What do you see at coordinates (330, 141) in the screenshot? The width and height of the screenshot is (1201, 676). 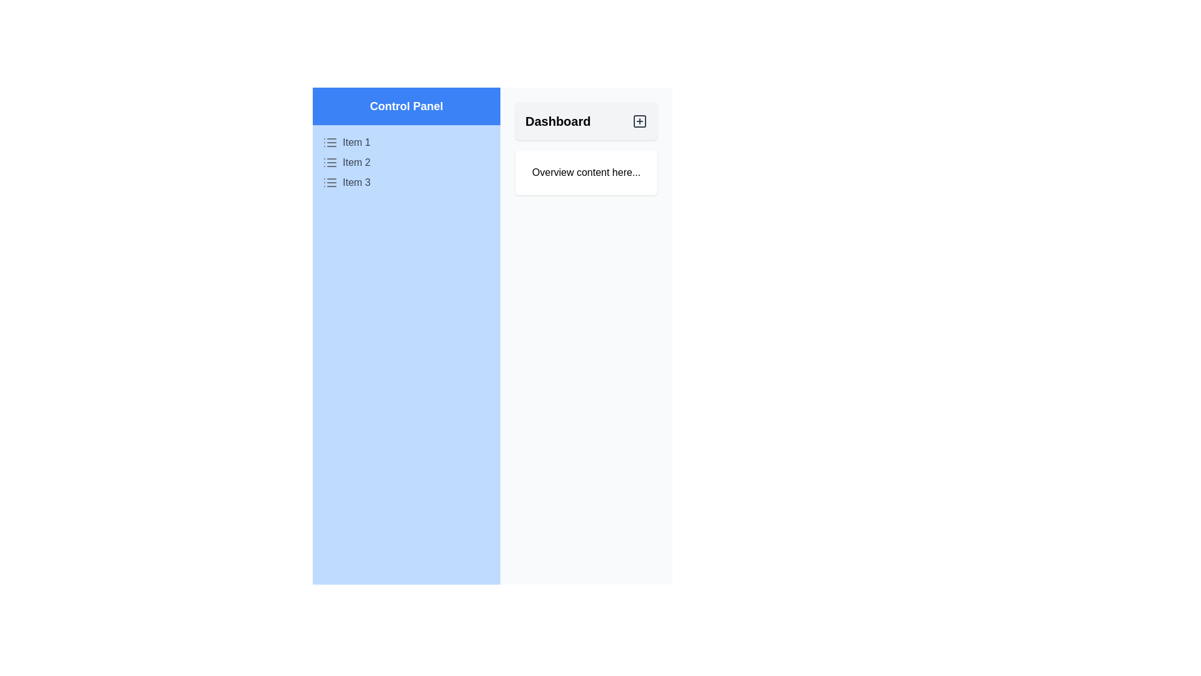 I see `the gray list icon with three horizontal lines located to the left of 'Item 1' in the sidebar under 'Control Panel'` at bounding box center [330, 141].